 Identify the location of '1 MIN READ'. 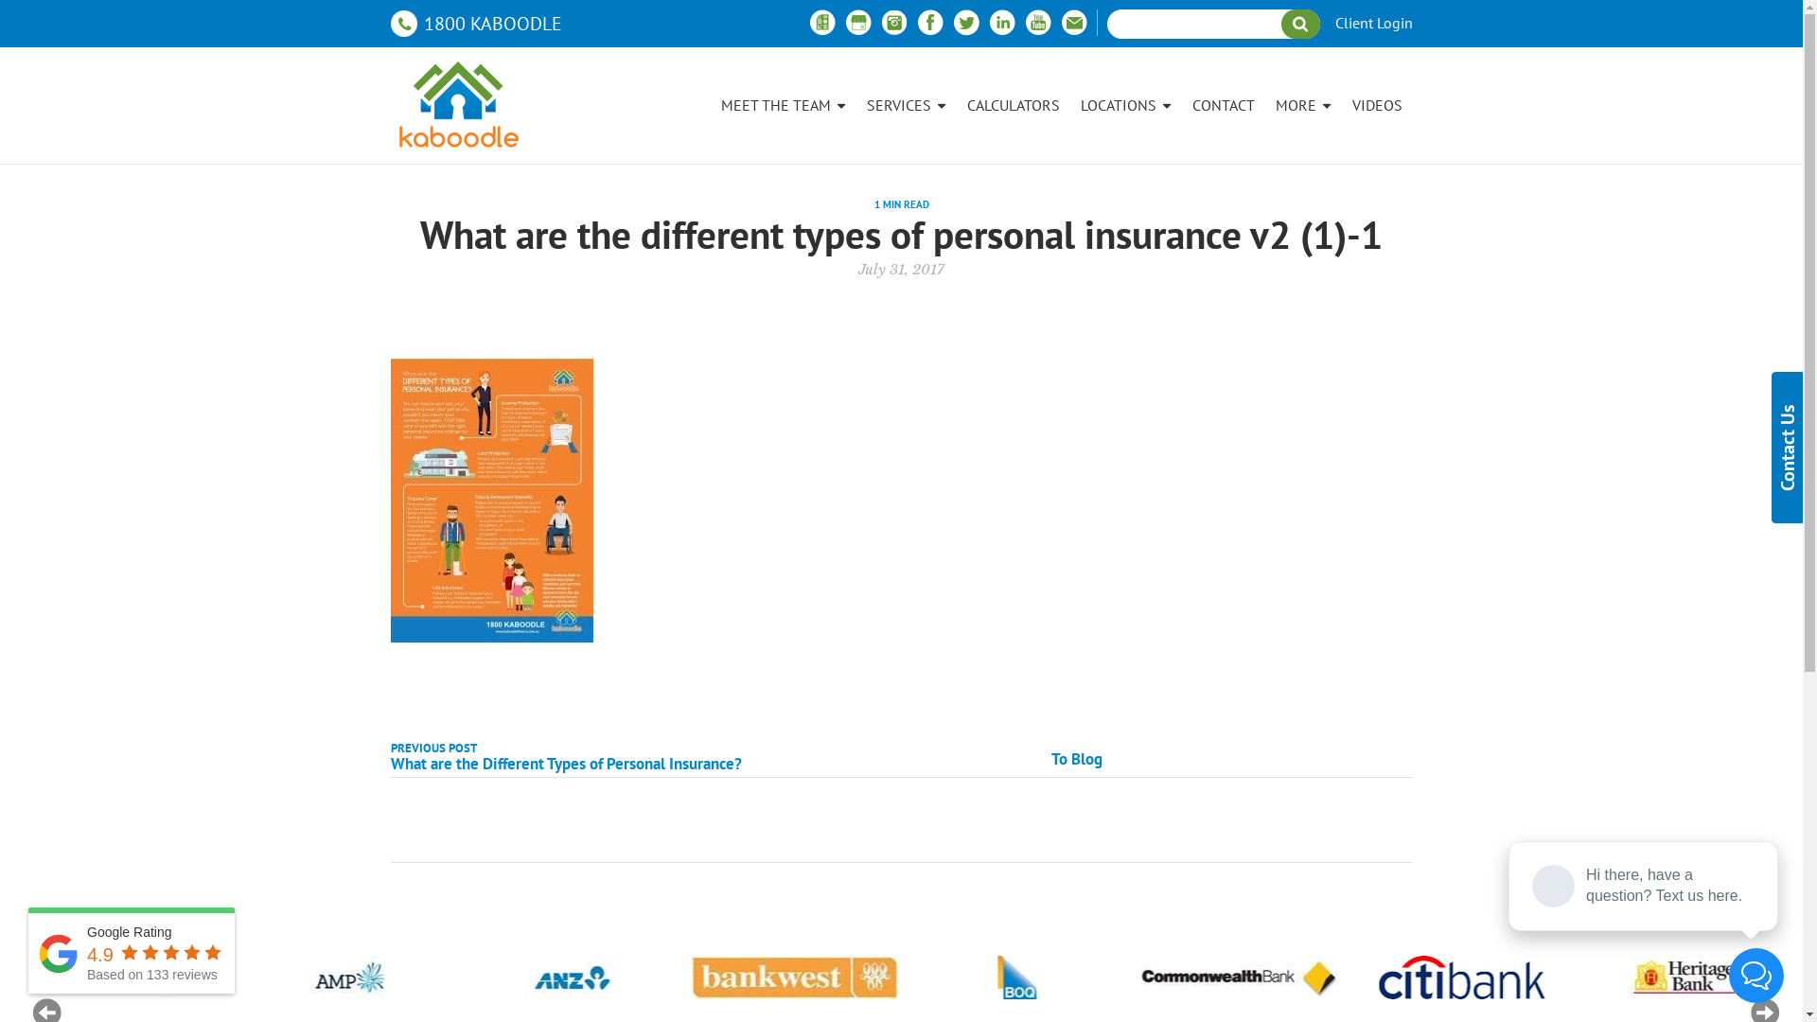
(873, 204).